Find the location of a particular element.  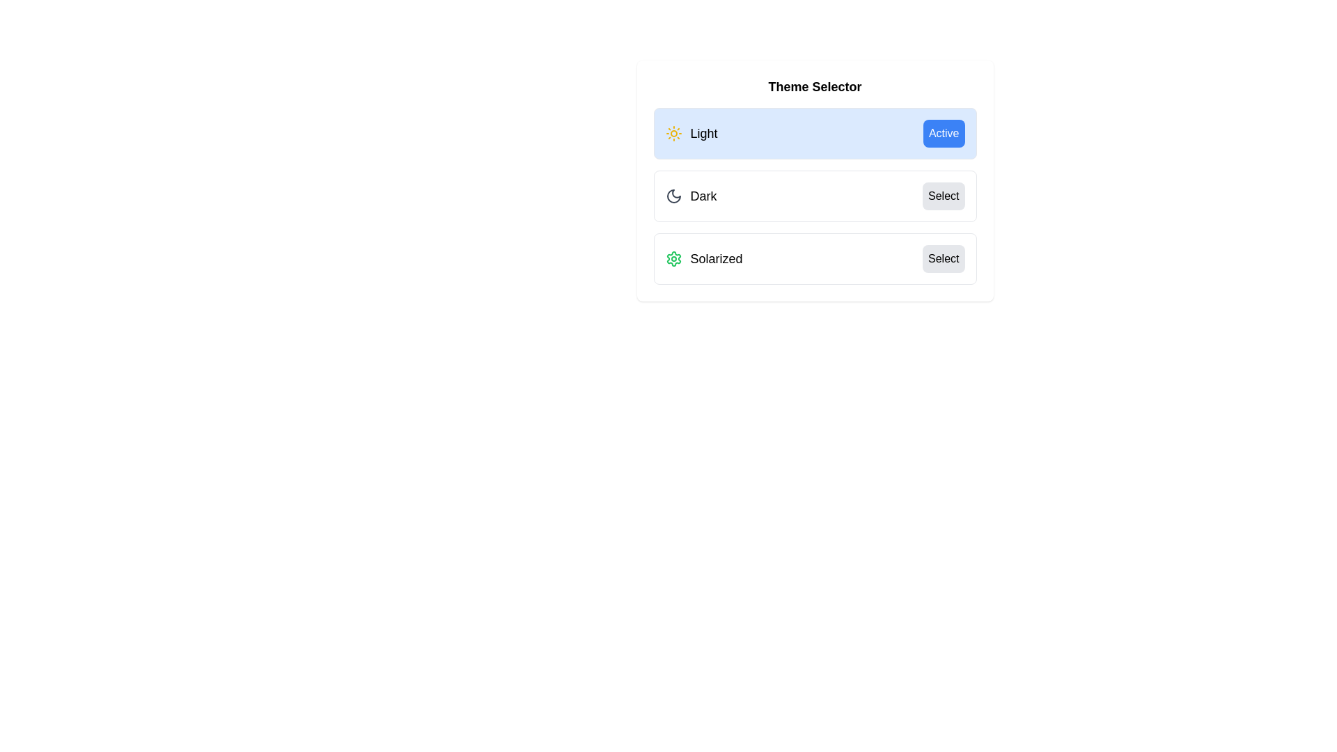

the icon next to Solarized theme is located at coordinates (673, 258).